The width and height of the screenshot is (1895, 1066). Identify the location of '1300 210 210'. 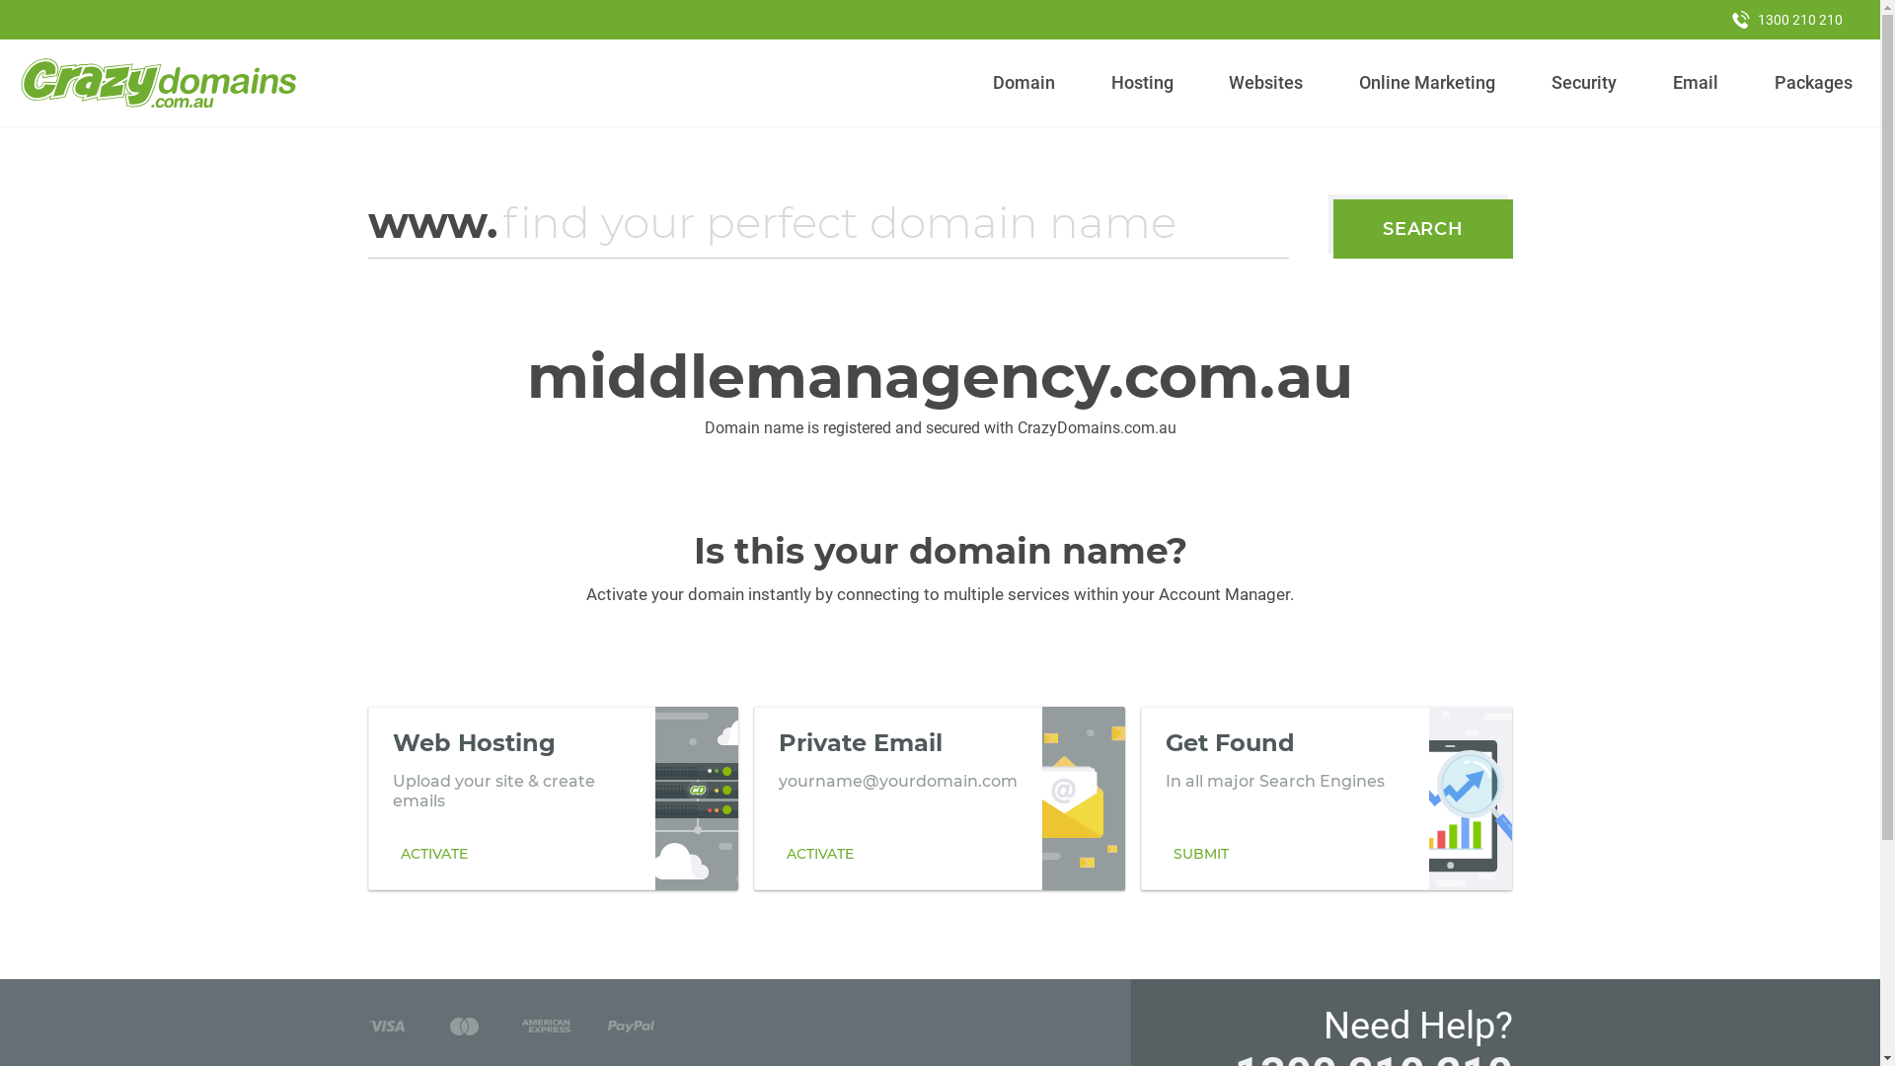
(1786, 19).